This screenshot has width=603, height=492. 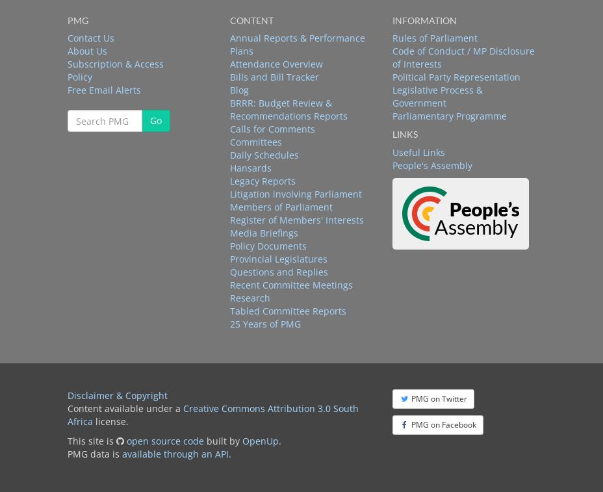 I want to click on 'license.', so click(x=110, y=421).